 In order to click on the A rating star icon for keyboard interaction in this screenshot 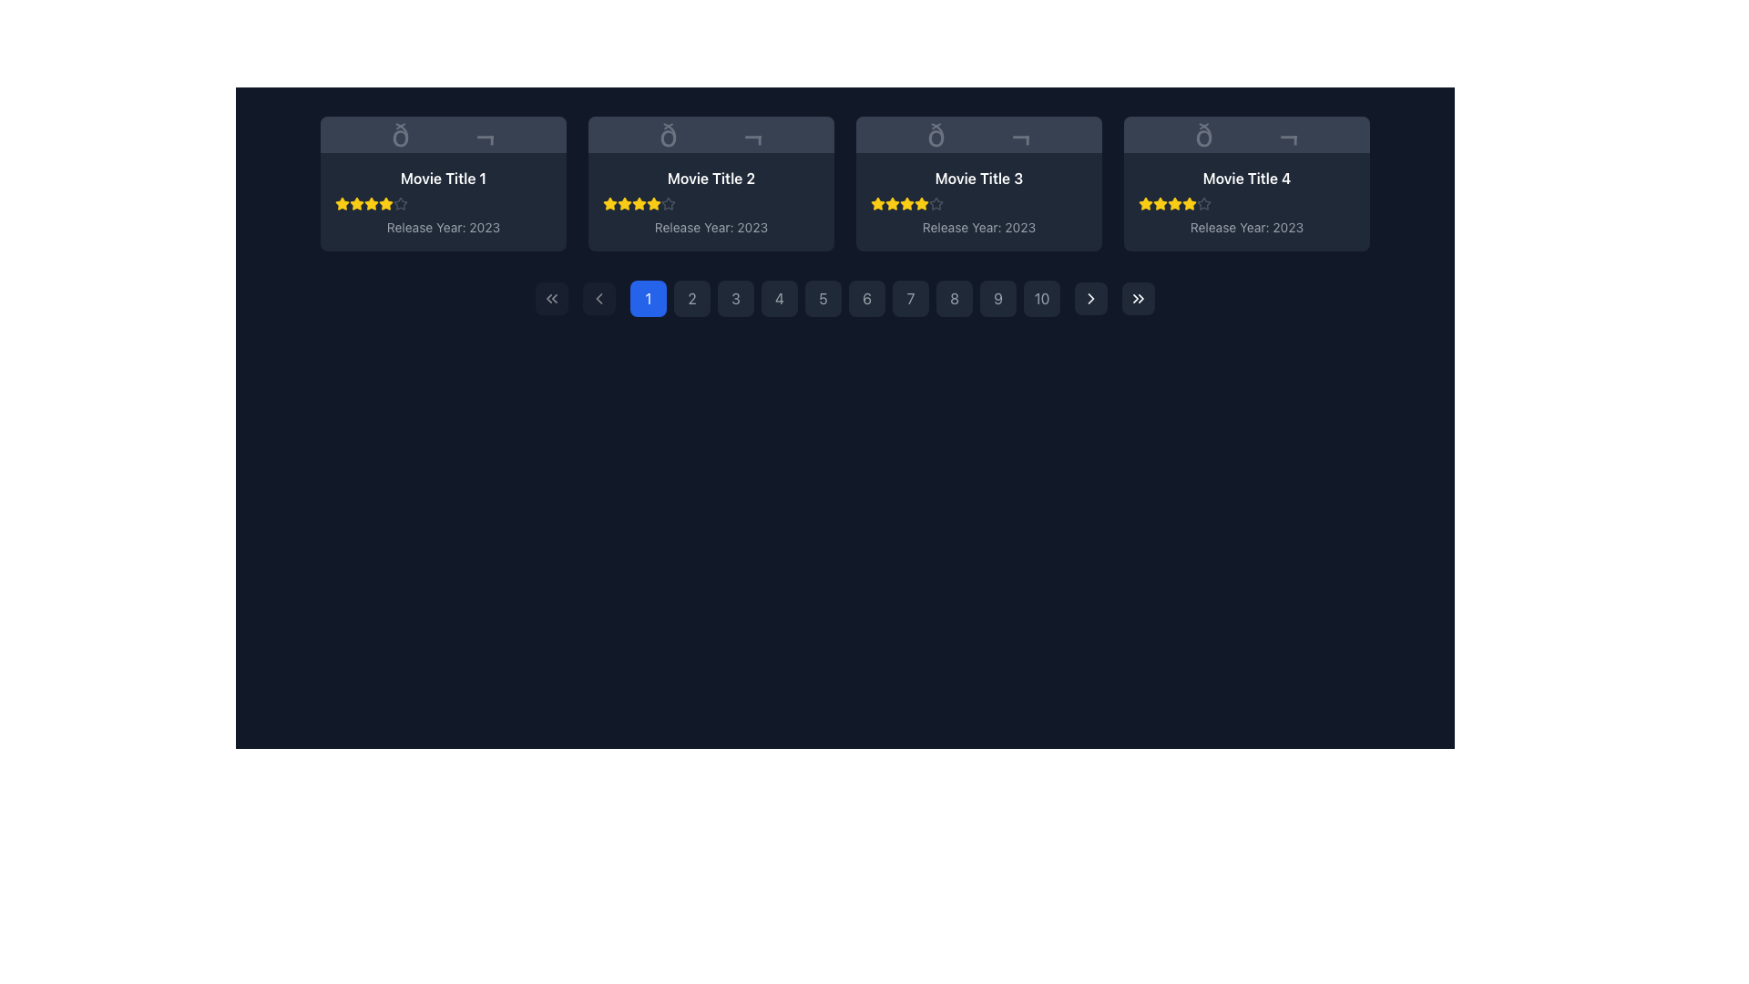, I will do `click(400, 203)`.